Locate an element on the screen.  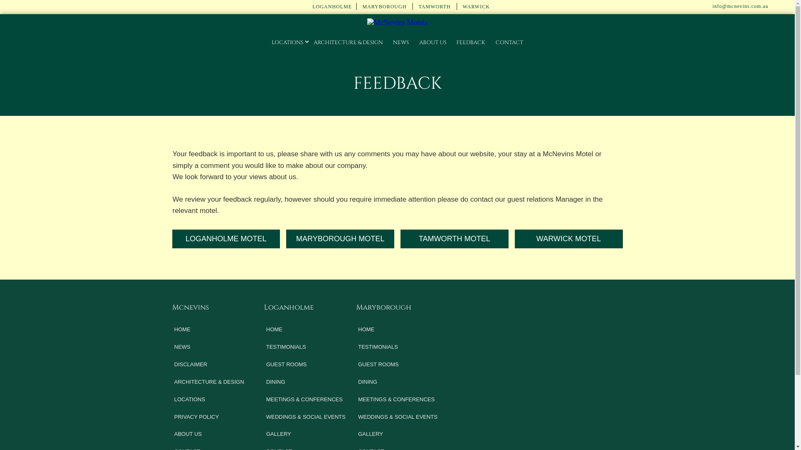
'GALLERY' is located at coordinates (310, 433).